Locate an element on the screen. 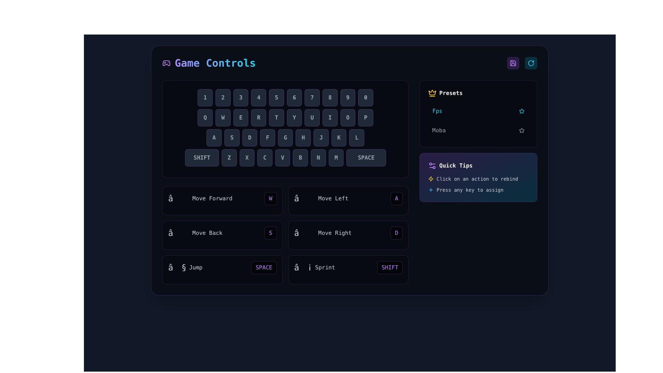 This screenshot has width=663, height=373. the virtual button representing the letter 'I' key, which is the eighth button in a horizontal row between 'U' and 'O' on the second layer of the virtual keyboard is located at coordinates (329, 117).